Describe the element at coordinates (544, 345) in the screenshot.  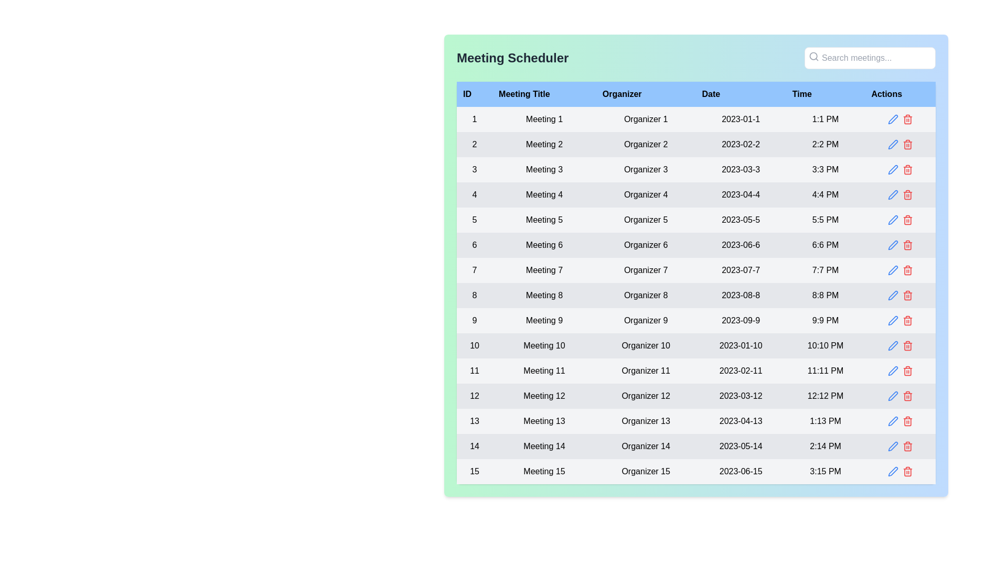
I see `the Text label indicating the meeting title in the second column of the row labeled '10' in the multi-column table` at that location.